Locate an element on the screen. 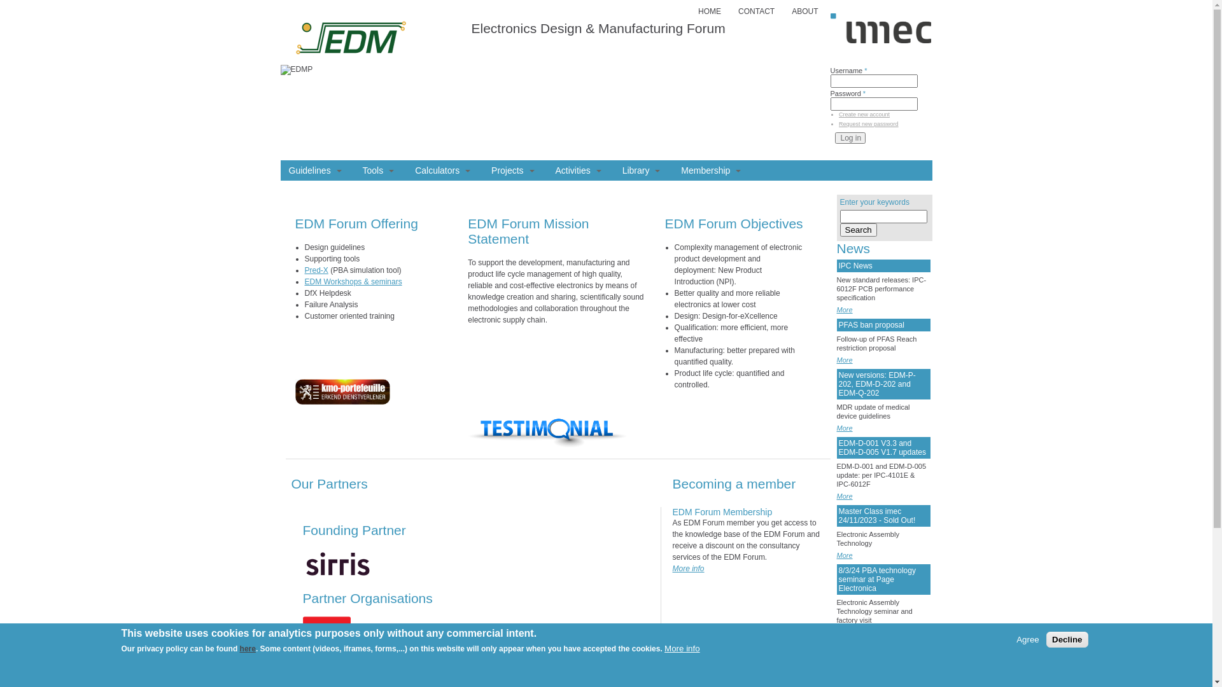 This screenshot has height=687, width=1222. 'More' is located at coordinates (844, 554).